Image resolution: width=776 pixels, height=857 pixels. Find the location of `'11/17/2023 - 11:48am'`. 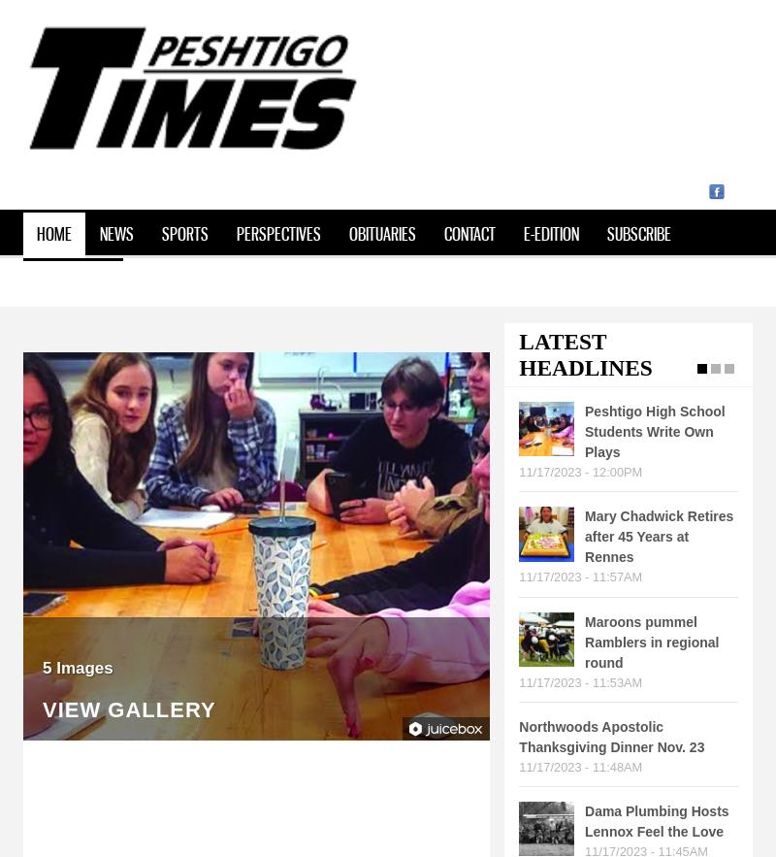

'11/17/2023 - 11:48am' is located at coordinates (579, 765).